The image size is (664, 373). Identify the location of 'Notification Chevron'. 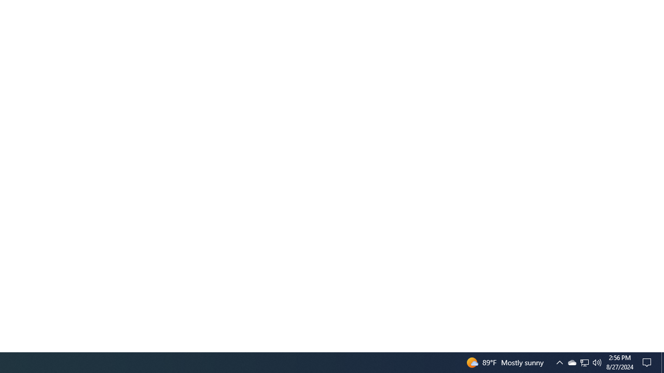
(559, 362).